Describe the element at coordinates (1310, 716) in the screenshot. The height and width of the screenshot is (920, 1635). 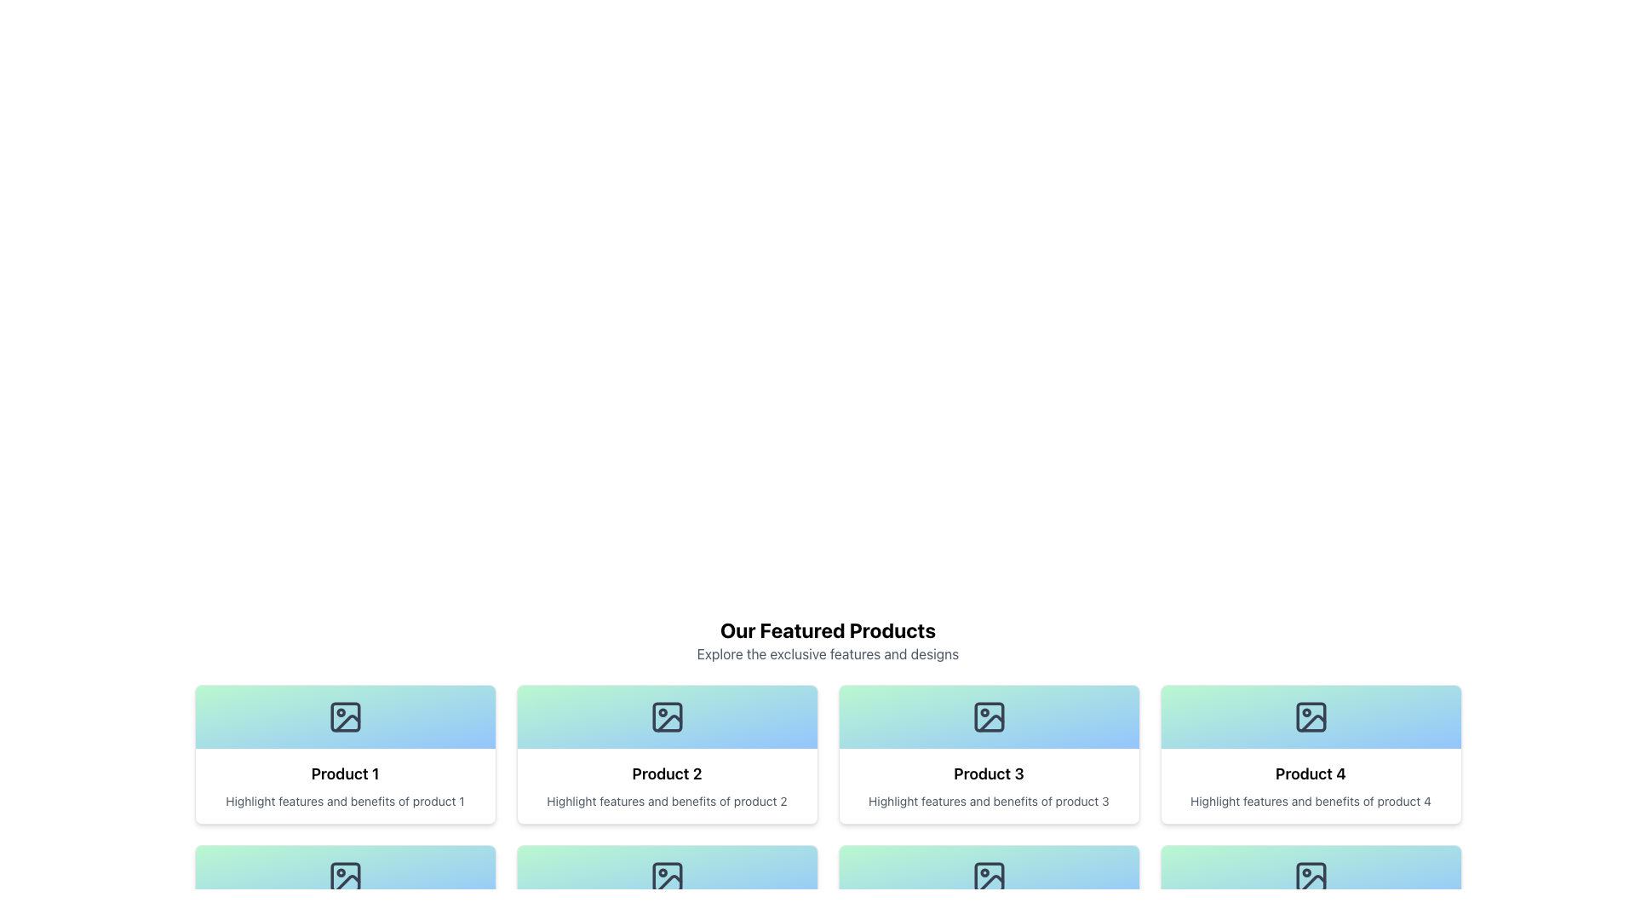
I see `the icon located at the top center of the 'Product 4' card in the 'Our Featured Products' section` at that location.